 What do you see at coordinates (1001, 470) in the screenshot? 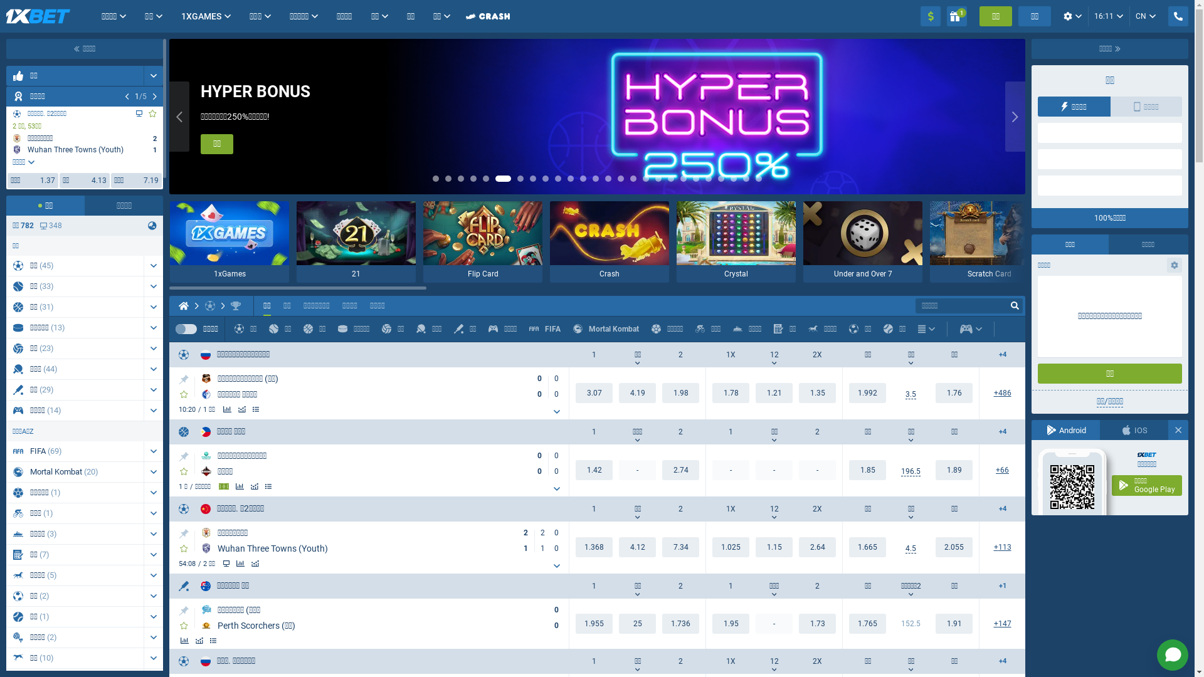
I see `'66'` at bounding box center [1001, 470].